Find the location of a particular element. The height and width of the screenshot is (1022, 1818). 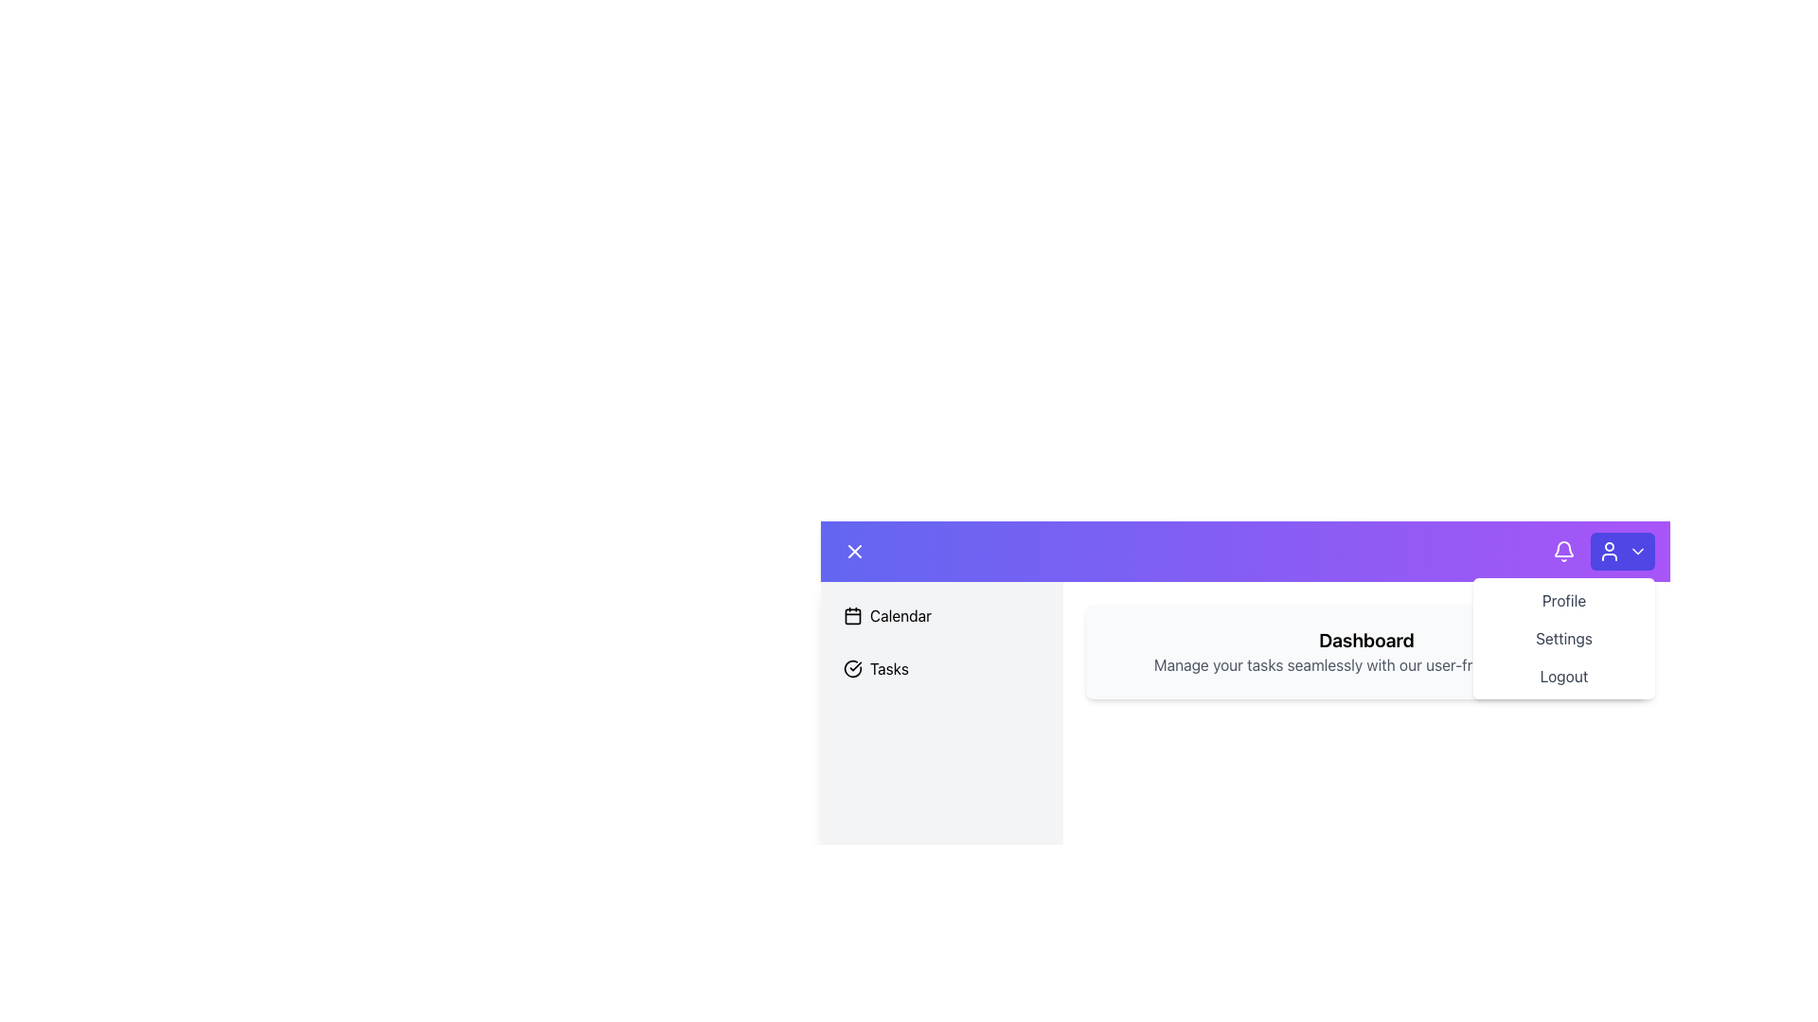

text from the Descriptive Panel titled 'Dashboard', which contains the description 'Manage your tasks seamlessly with our user-friendly platform.' is located at coordinates (1366, 651).